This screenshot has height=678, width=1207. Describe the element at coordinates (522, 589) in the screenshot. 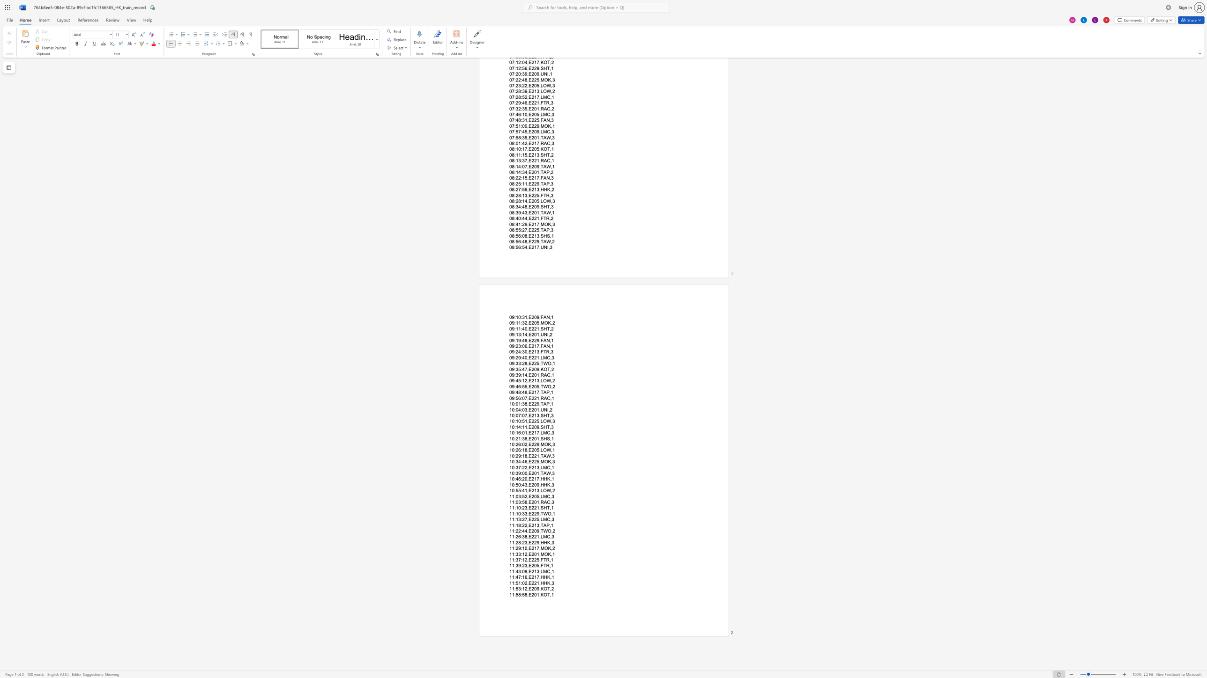

I see `the subset text "12,E209" within the text "11:53:12,E209,KOT,2"` at that location.